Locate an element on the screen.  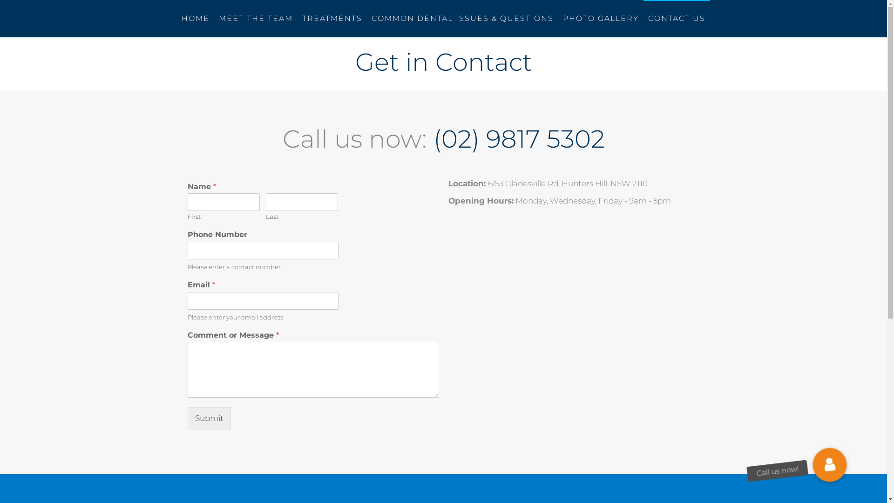
'HOME' is located at coordinates (195, 18).